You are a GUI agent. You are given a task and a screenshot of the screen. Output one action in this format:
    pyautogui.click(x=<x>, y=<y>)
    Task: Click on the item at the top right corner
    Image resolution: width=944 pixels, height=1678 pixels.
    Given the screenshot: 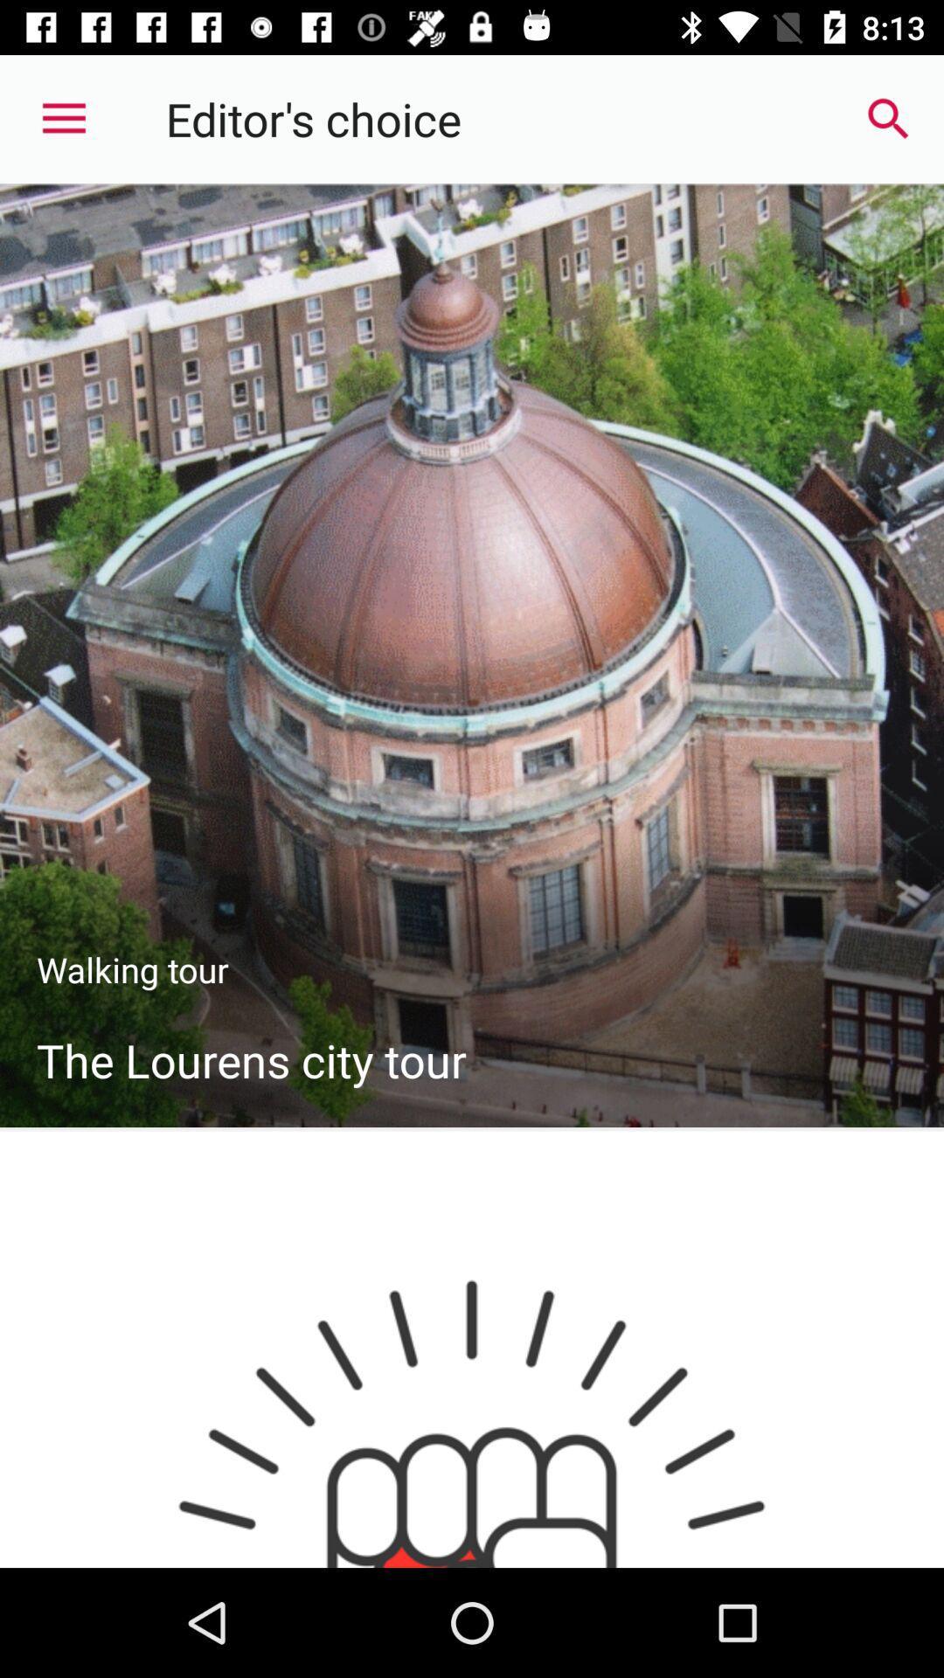 What is the action you would take?
    pyautogui.click(x=889, y=118)
    